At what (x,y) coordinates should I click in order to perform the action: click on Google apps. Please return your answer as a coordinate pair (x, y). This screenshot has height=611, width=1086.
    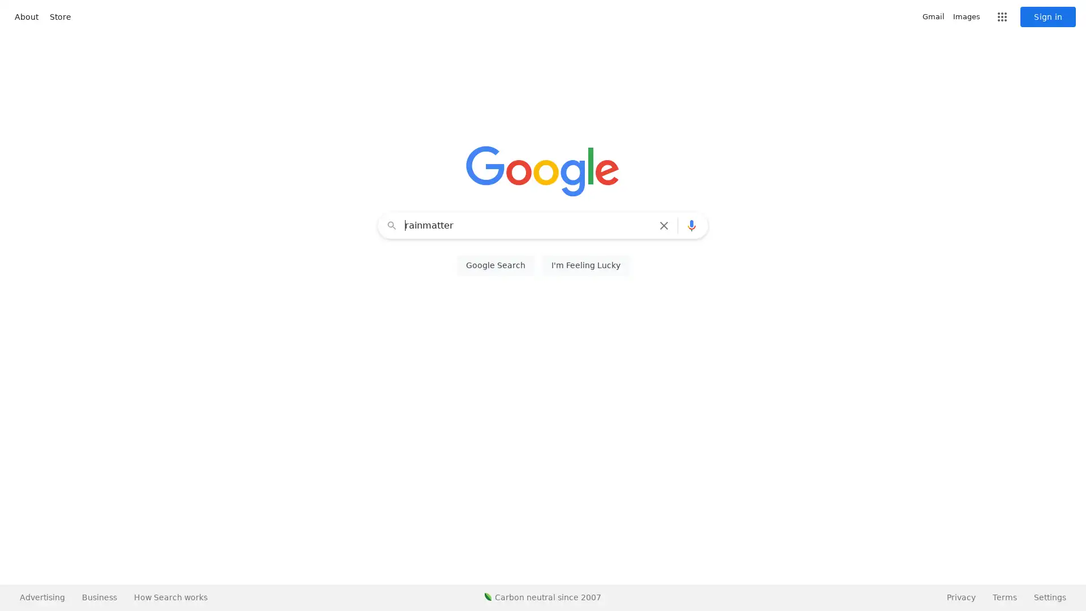
    Looking at the image, I should click on (1002, 17).